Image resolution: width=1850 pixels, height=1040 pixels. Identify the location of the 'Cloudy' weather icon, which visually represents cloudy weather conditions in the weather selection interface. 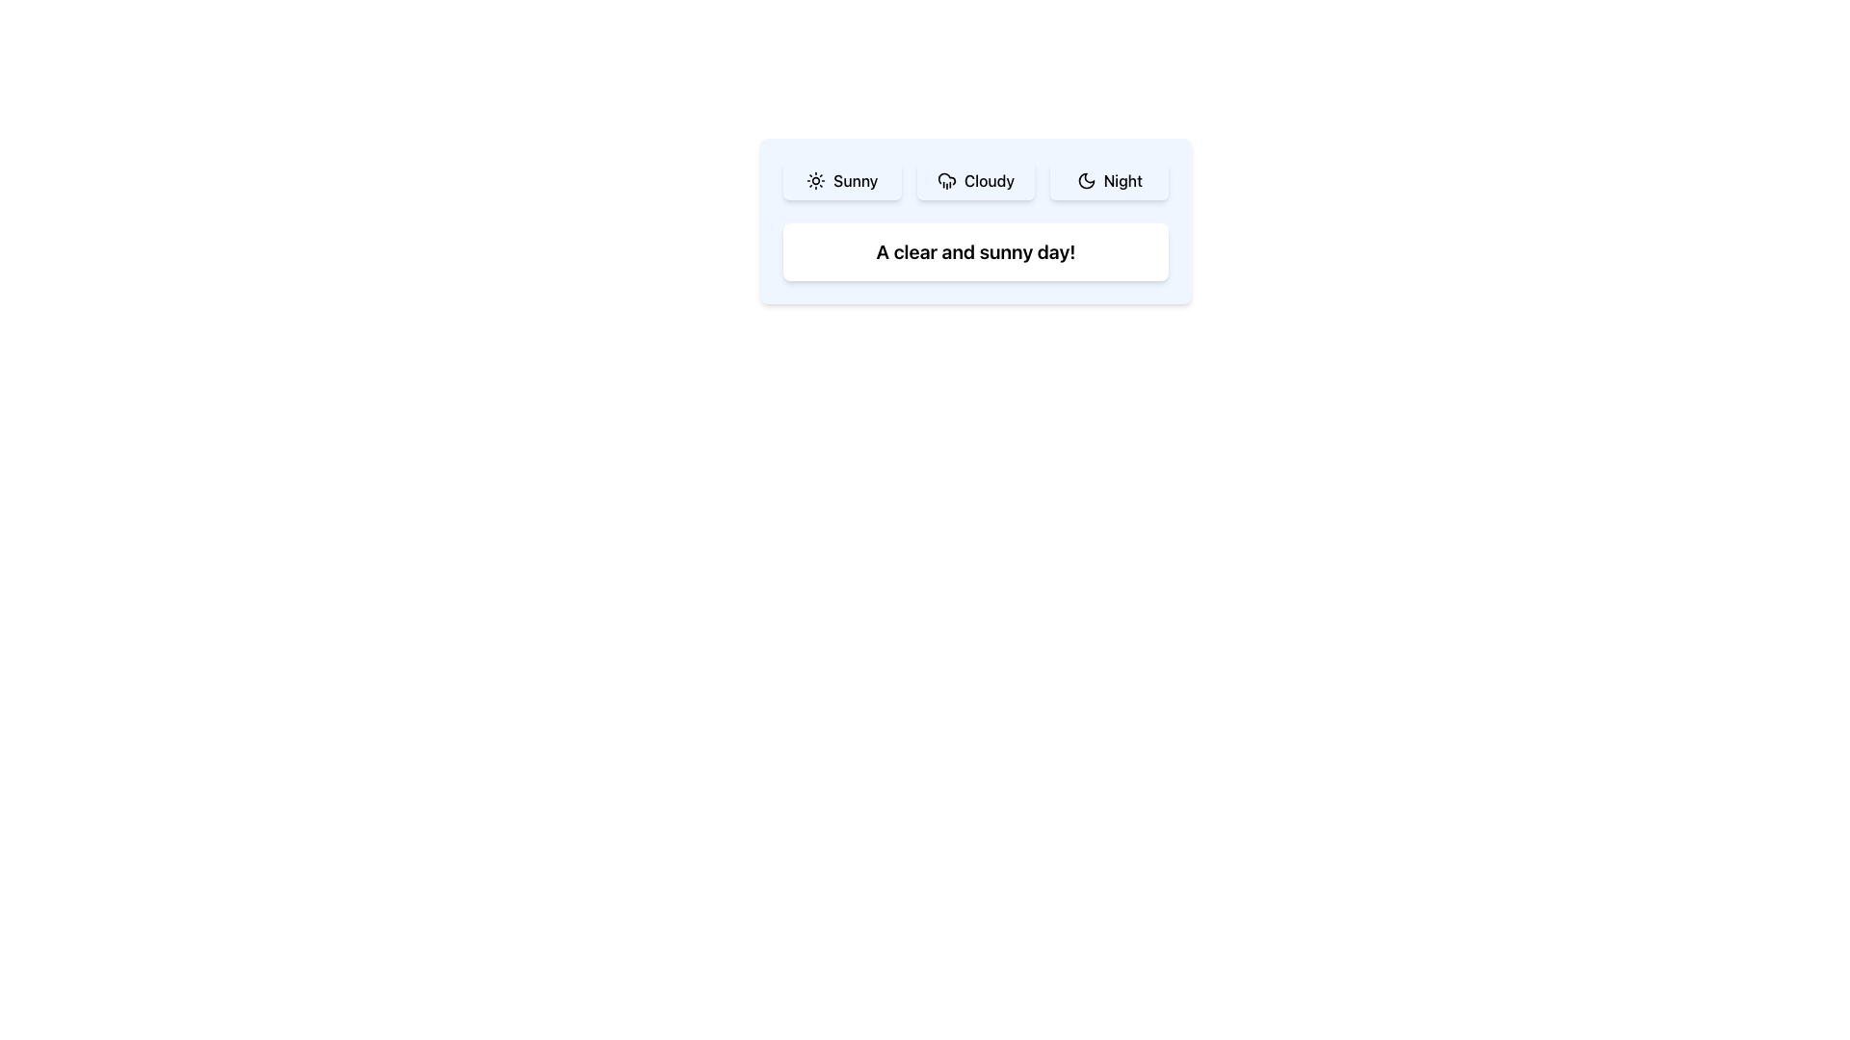
(946, 178).